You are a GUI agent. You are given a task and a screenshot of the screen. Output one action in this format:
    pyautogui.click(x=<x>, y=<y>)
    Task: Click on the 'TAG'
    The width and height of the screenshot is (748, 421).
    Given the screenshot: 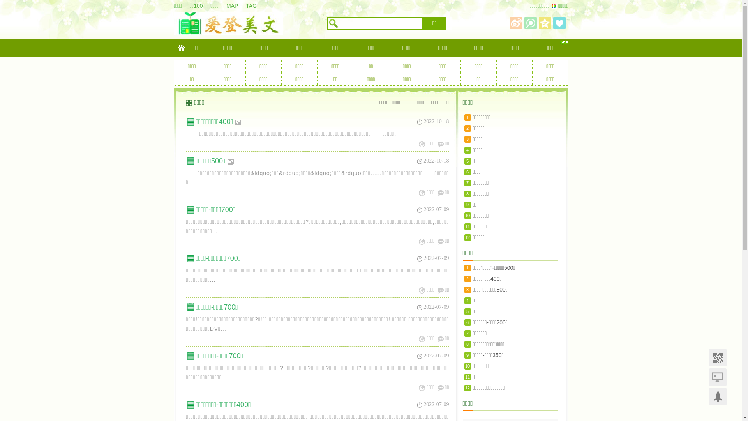 What is the action you would take?
    pyautogui.click(x=255, y=6)
    